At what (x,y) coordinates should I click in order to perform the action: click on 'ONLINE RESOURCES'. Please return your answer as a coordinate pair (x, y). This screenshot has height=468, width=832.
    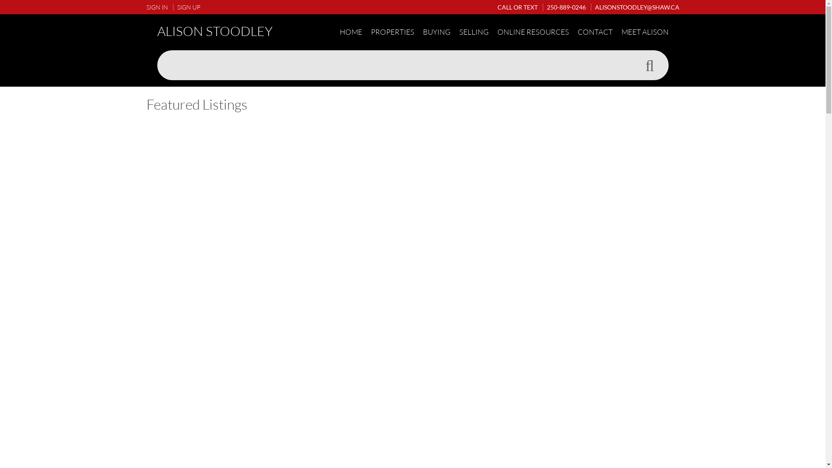
    Looking at the image, I should click on (533, 31).